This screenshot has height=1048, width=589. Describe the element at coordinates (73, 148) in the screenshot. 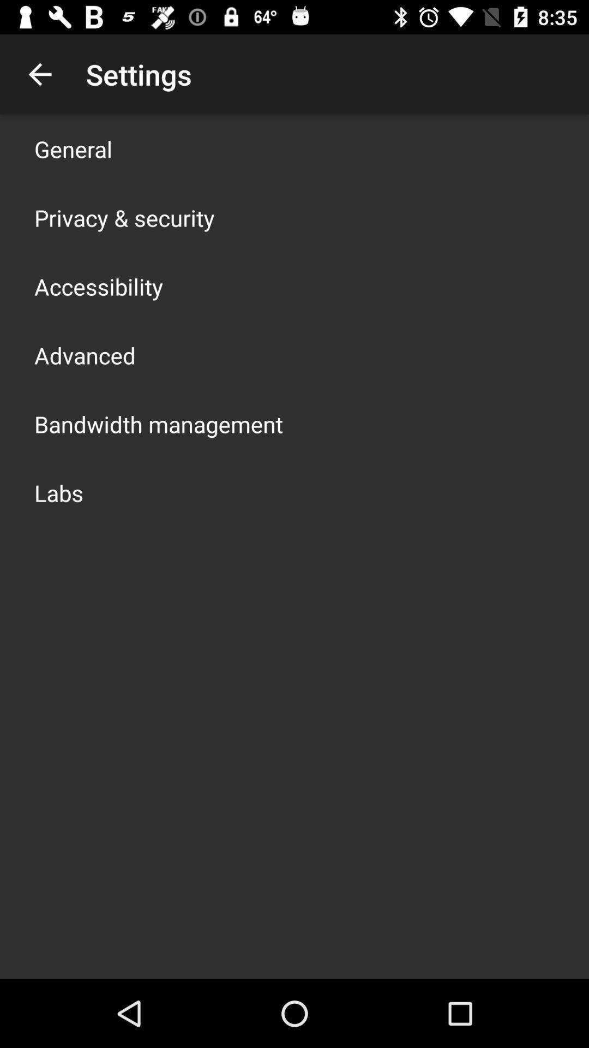

I see `the item above the privacy & security` at that location.